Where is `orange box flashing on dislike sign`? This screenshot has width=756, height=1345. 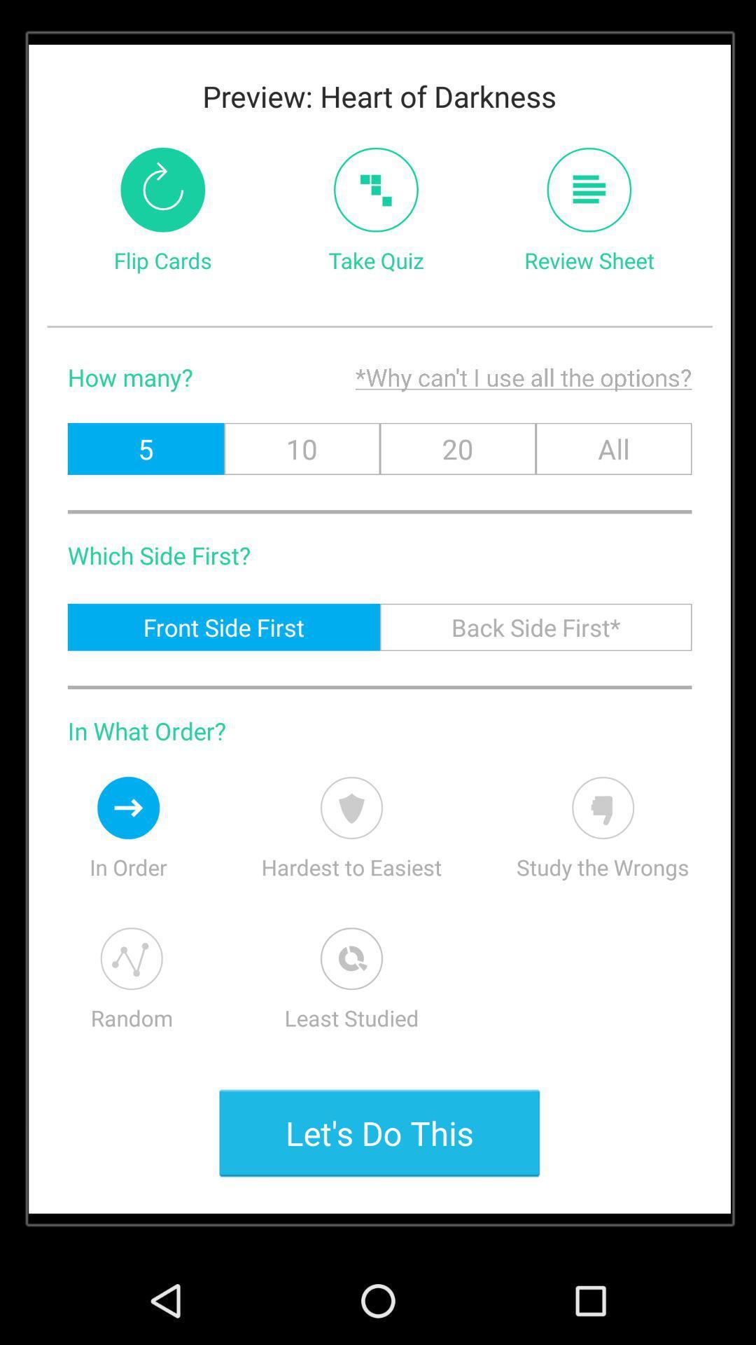 orange box flashing on dislike sign is located at coordinates (602, 808).